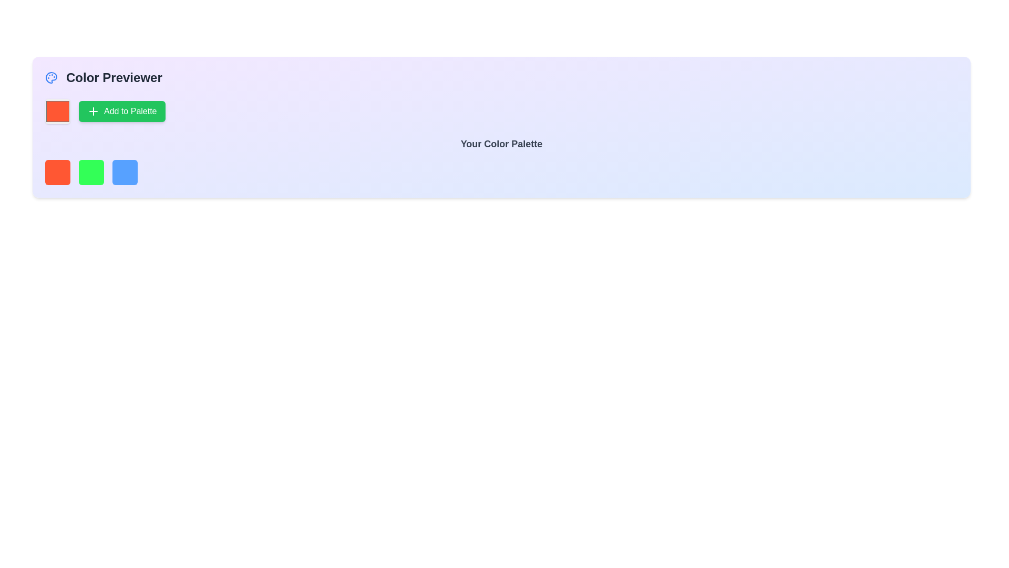 The image size is (1009, 568). Describe the element at coordinates (114, 77) in the screenshot. I see `descriptive title displayed as 'Color Previewer' in bold, large font, located to the right of the palette icon` at that location.